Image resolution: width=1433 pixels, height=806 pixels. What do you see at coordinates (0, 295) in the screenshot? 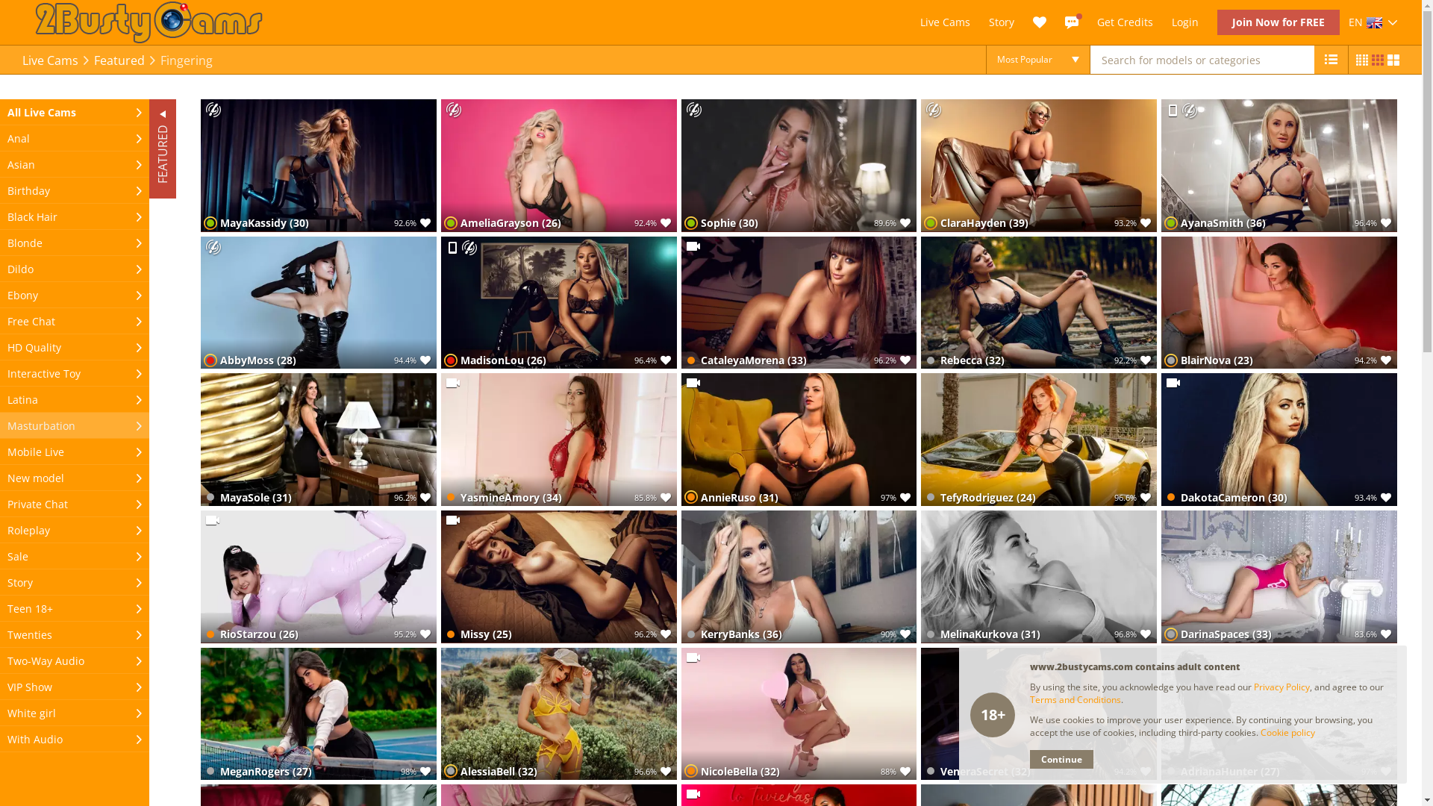
I see `'Ebony'` at bounding box center [0, 295].